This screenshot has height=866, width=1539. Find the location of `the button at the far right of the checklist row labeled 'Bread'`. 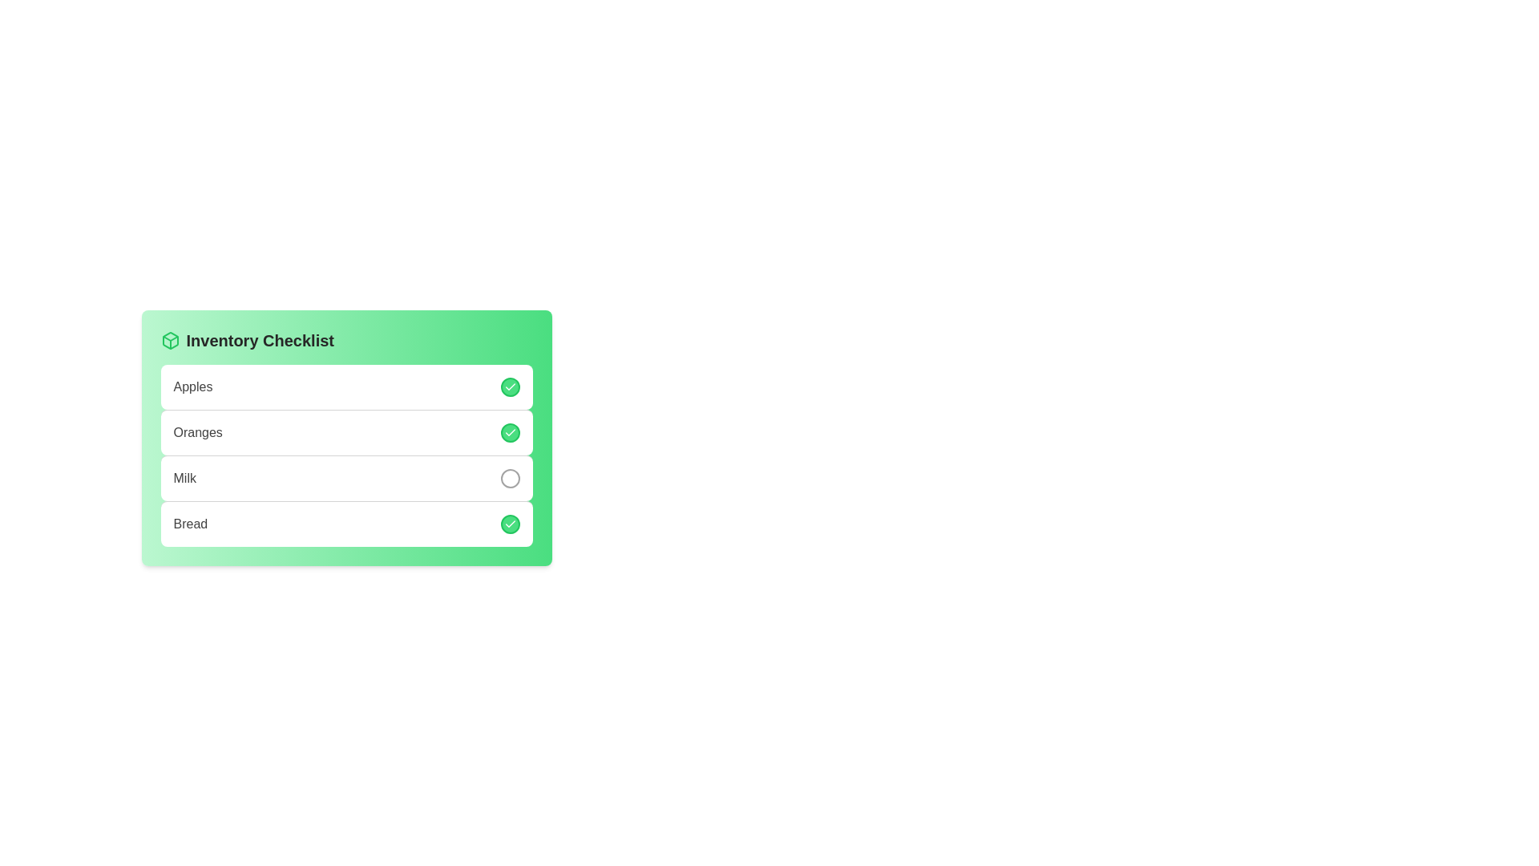

the button at the far right of the checklist row labeled 'Bread' is located at coordinates (509, 524).